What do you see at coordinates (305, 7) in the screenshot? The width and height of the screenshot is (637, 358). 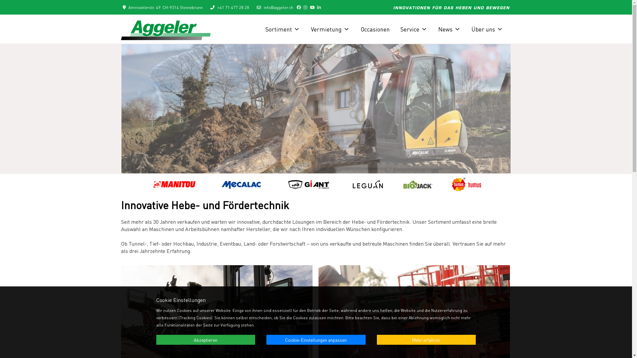 I see `'Instagram'` at bounding box center [305, 7].